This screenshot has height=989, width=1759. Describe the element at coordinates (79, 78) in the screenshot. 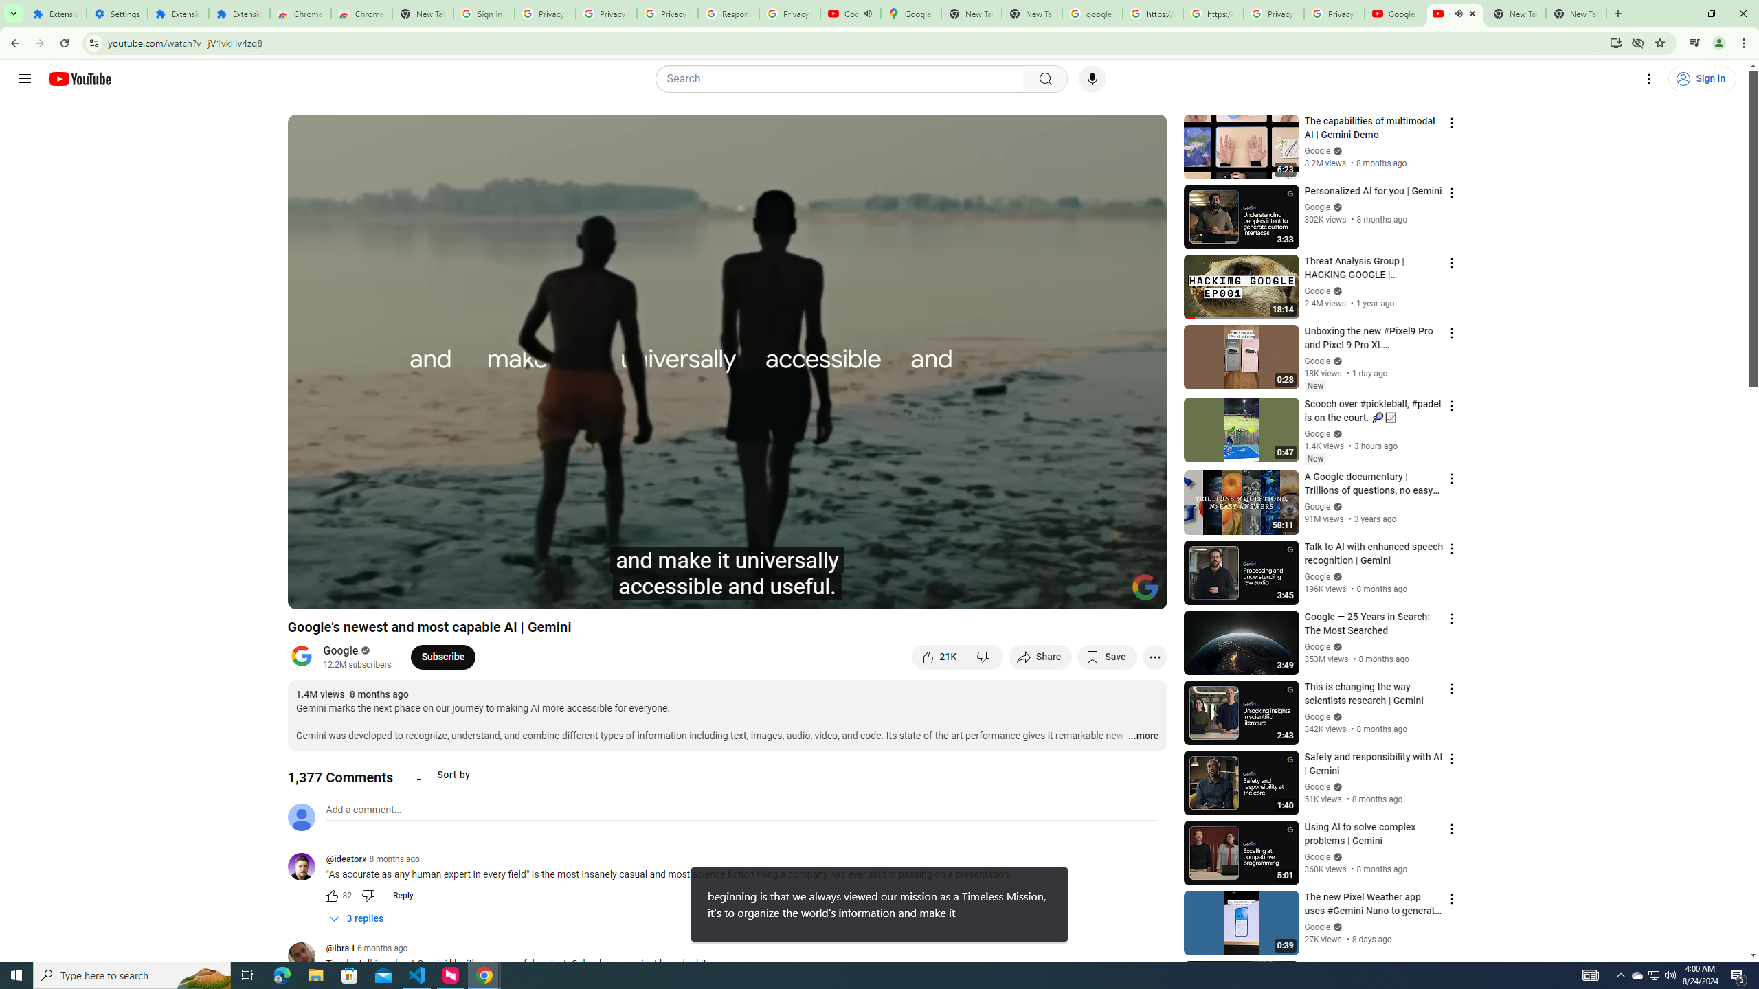

I see `'YouTube Home'` at that location.